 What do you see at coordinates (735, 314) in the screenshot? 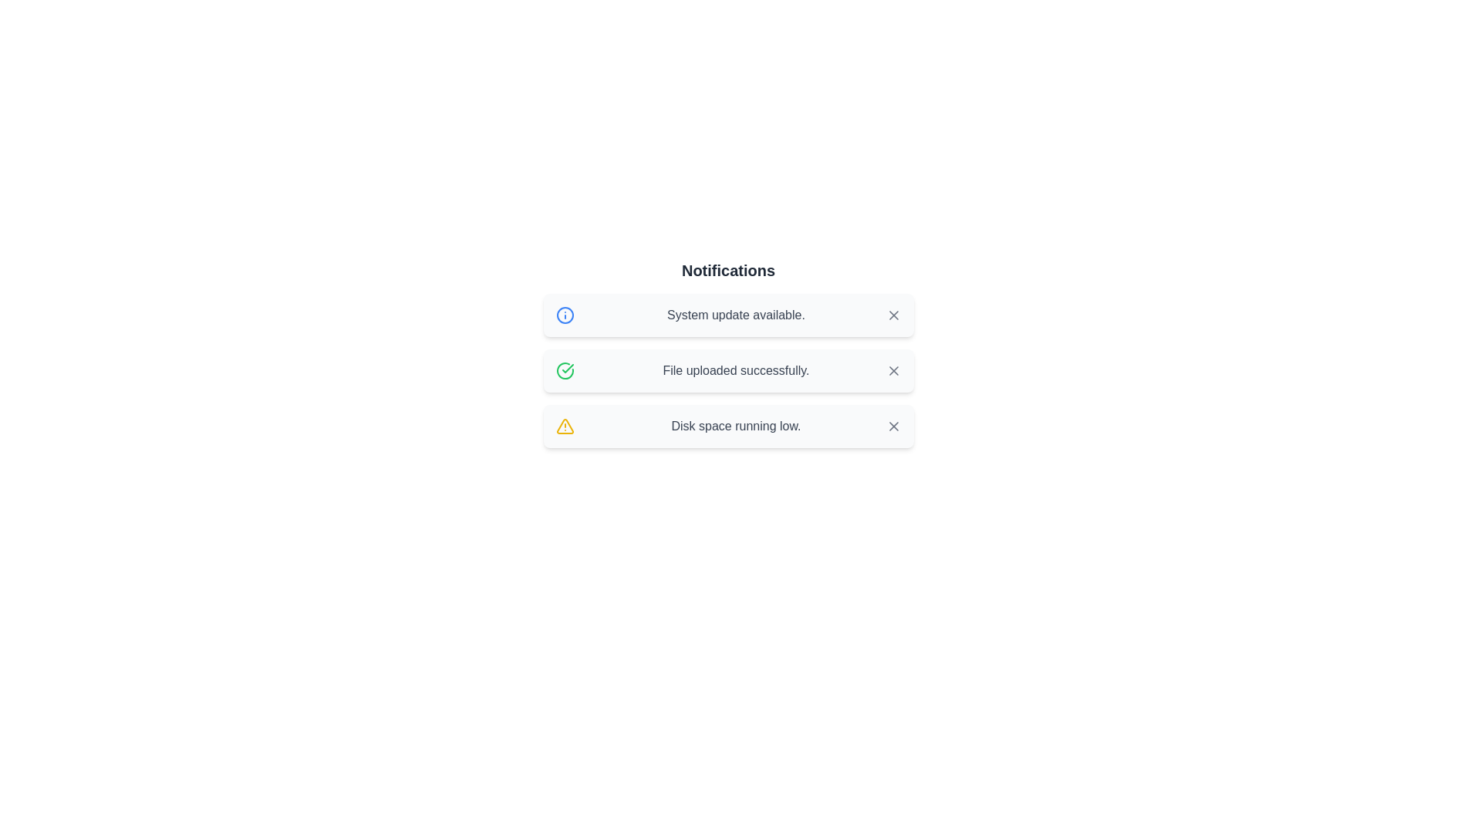
I see `the text label that displays 'System update available.' which is styled in gray and located centrally within the notification card` at bounding box center [735, 314].